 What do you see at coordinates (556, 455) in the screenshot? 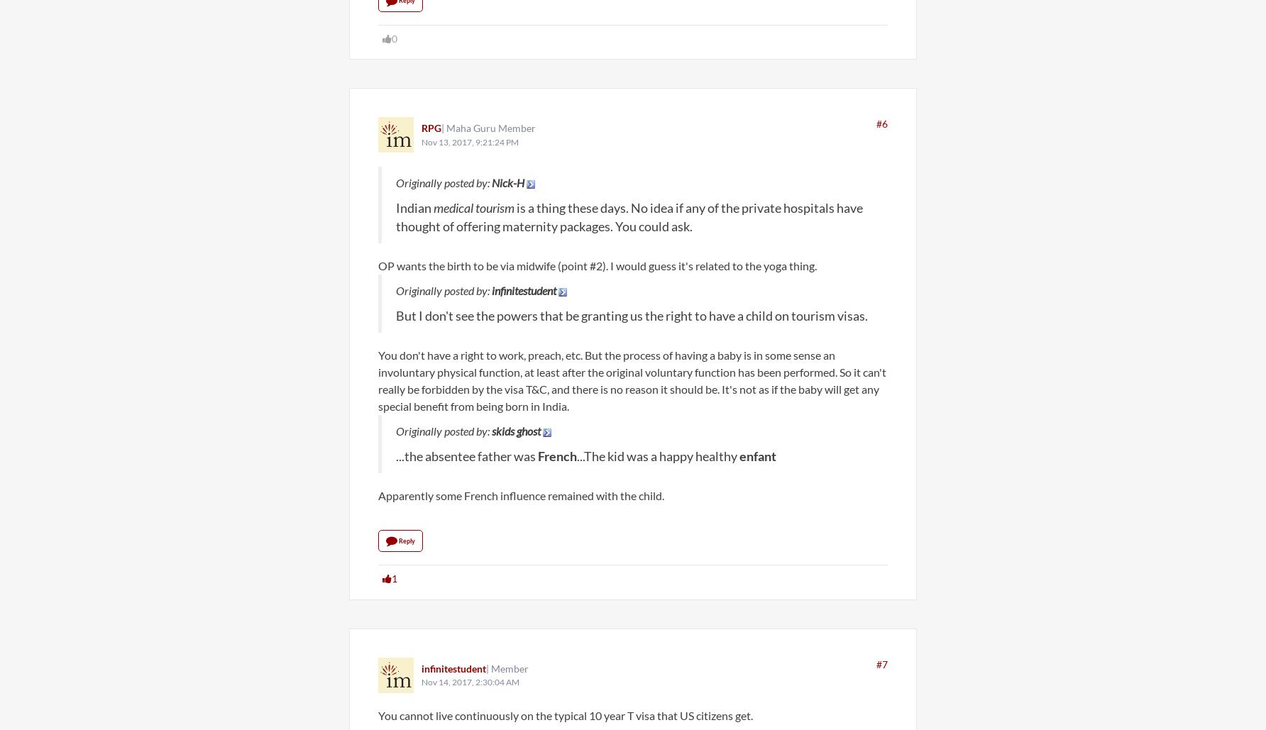
I see `'French'` at bounding box center [556, 455].